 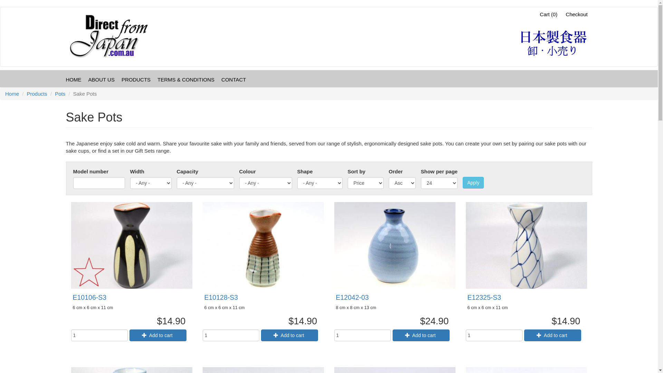 What do you see at coordinates (233, 79) in the screenshot?
I see `'CONTACT'` at bounding box center [233, 79].